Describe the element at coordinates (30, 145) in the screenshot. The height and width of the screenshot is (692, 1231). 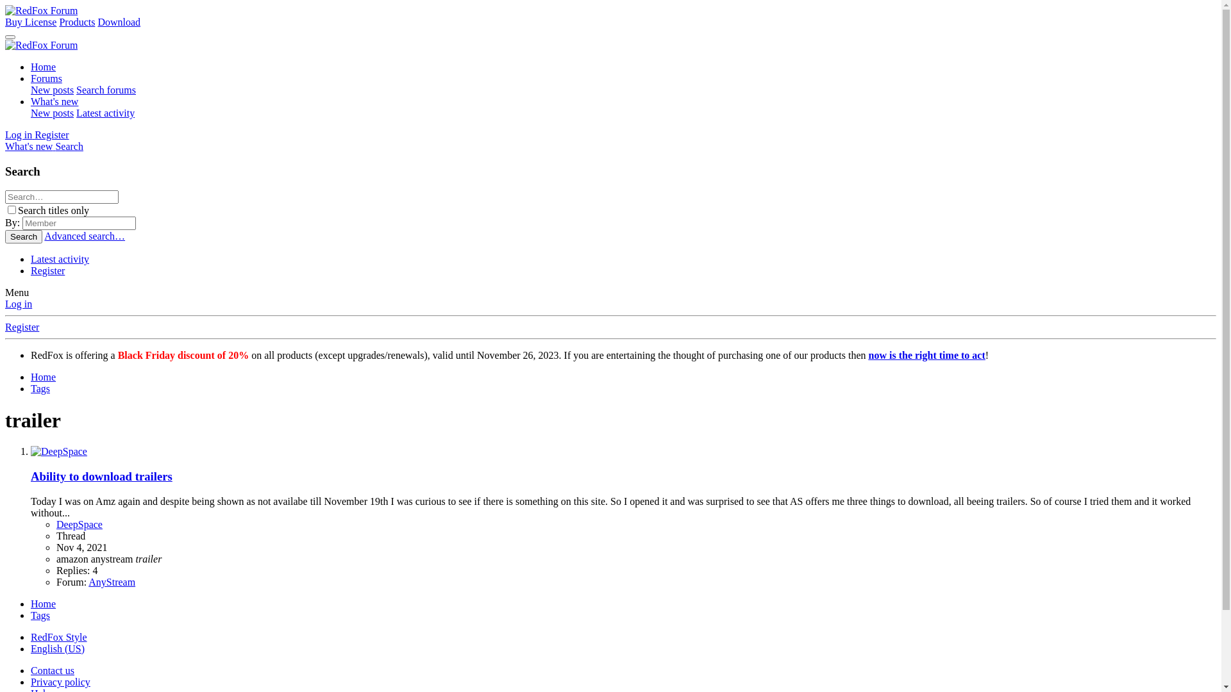
I see `'What's new'` at that location.